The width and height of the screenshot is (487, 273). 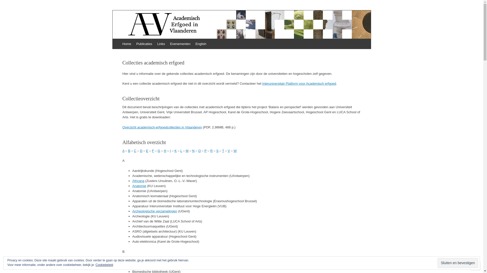 What do you see at coordinates (138, 180) in the screenshot?
I see `'Africana'` at bounding box center [138, 180].